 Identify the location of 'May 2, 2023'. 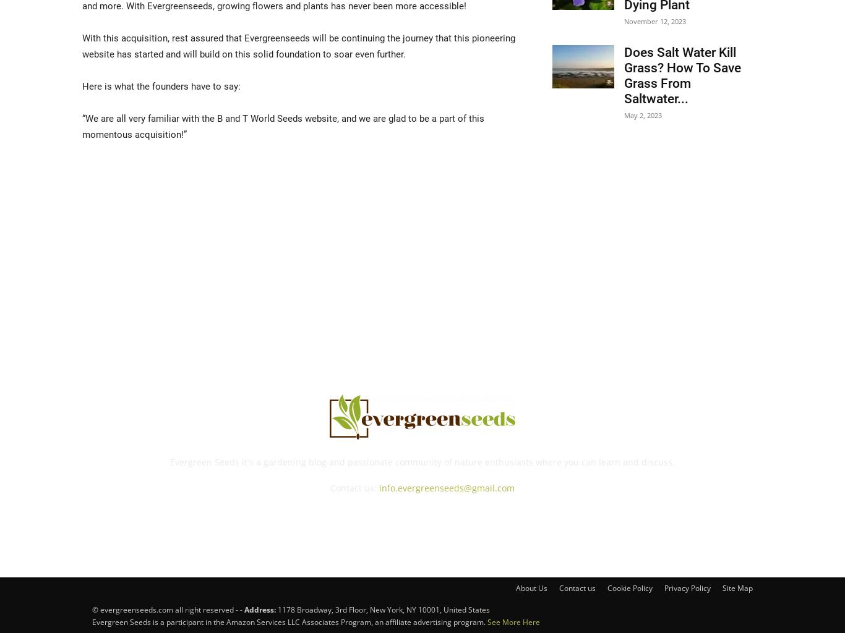
(642, 115).